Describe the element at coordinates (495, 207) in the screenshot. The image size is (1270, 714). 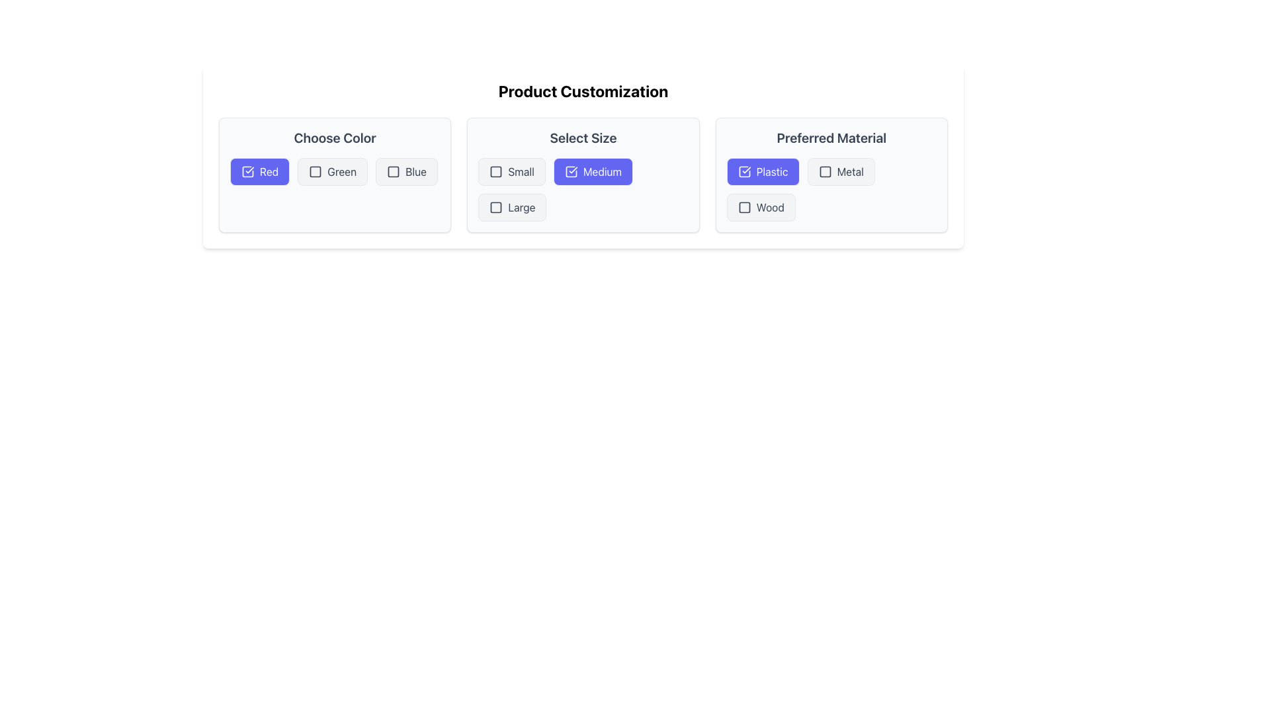
I see `the checkbox marker for the 'Large' size option in the 'Select Size' section` at that location.